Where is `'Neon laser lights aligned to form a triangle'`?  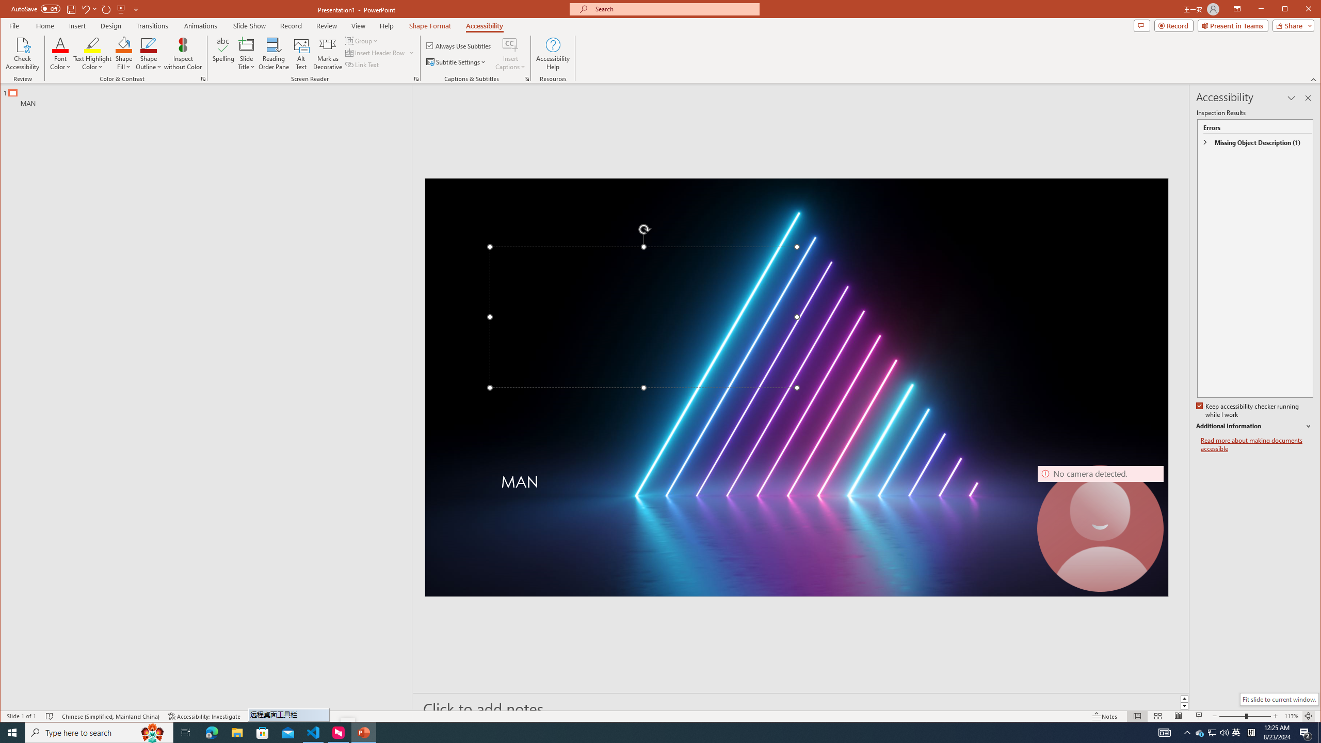
'Neon laser lights aligned to form a triangle' is located at coordinates (796, 387).